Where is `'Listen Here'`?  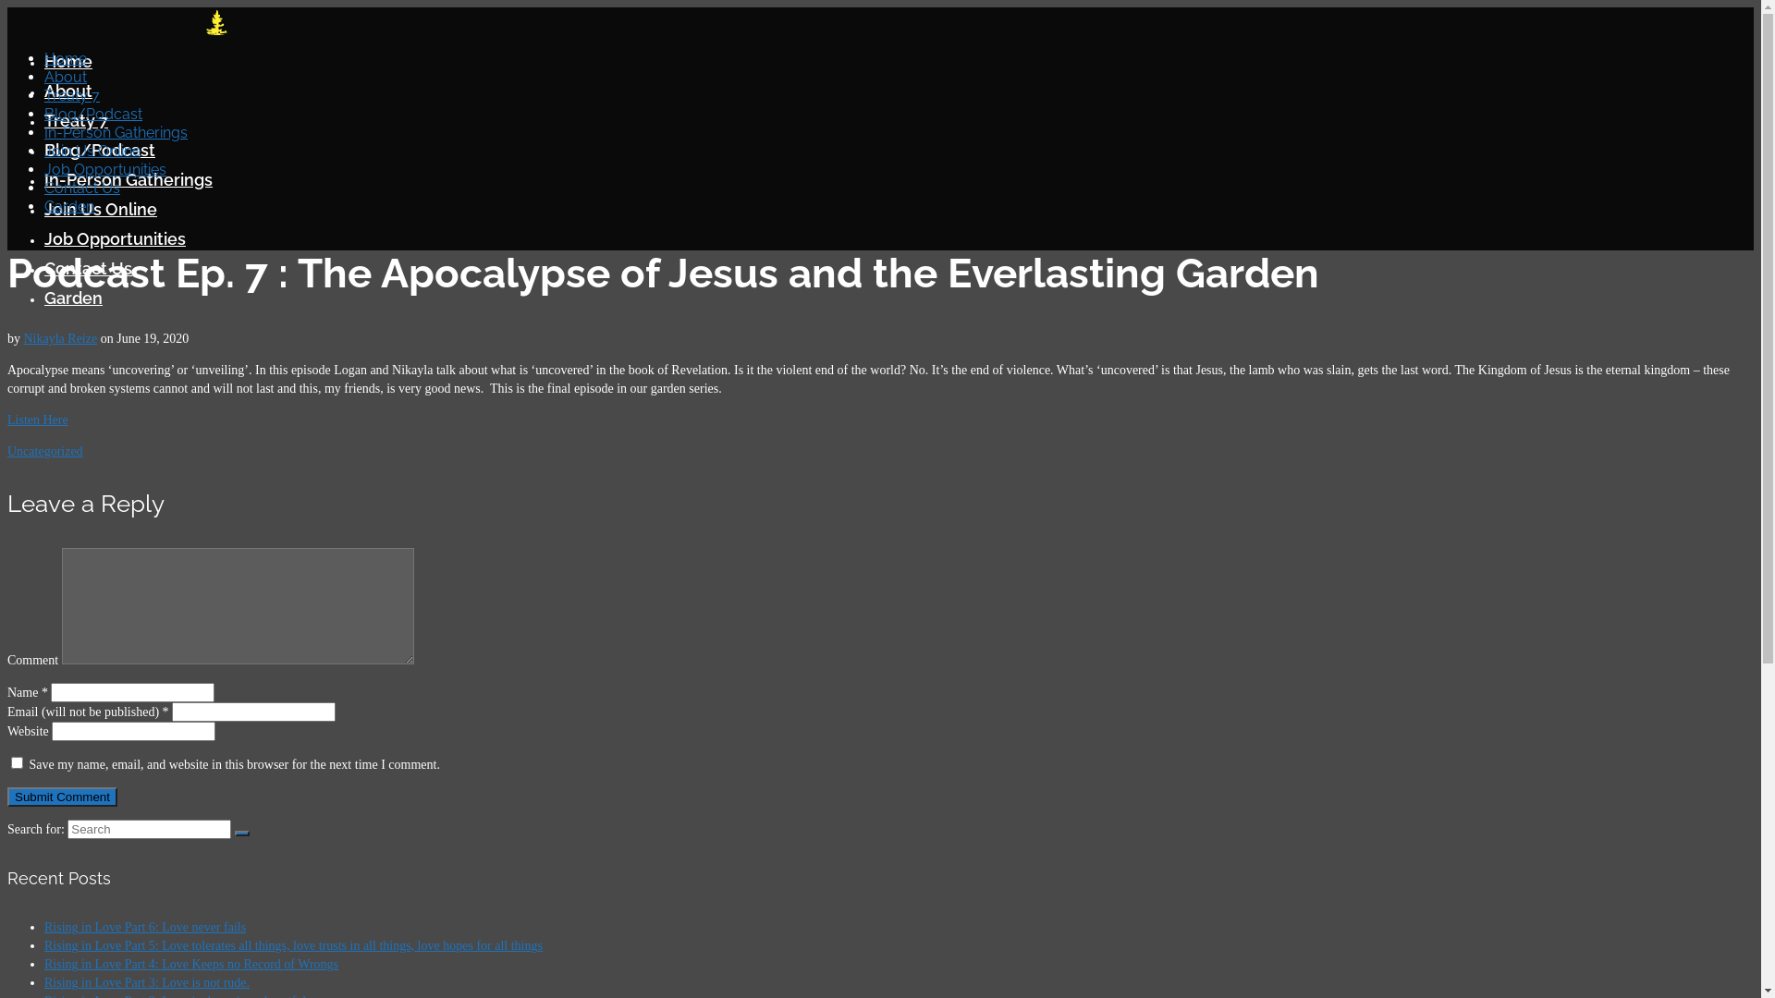 'Listen Here' is located at coordinates (7, 420).